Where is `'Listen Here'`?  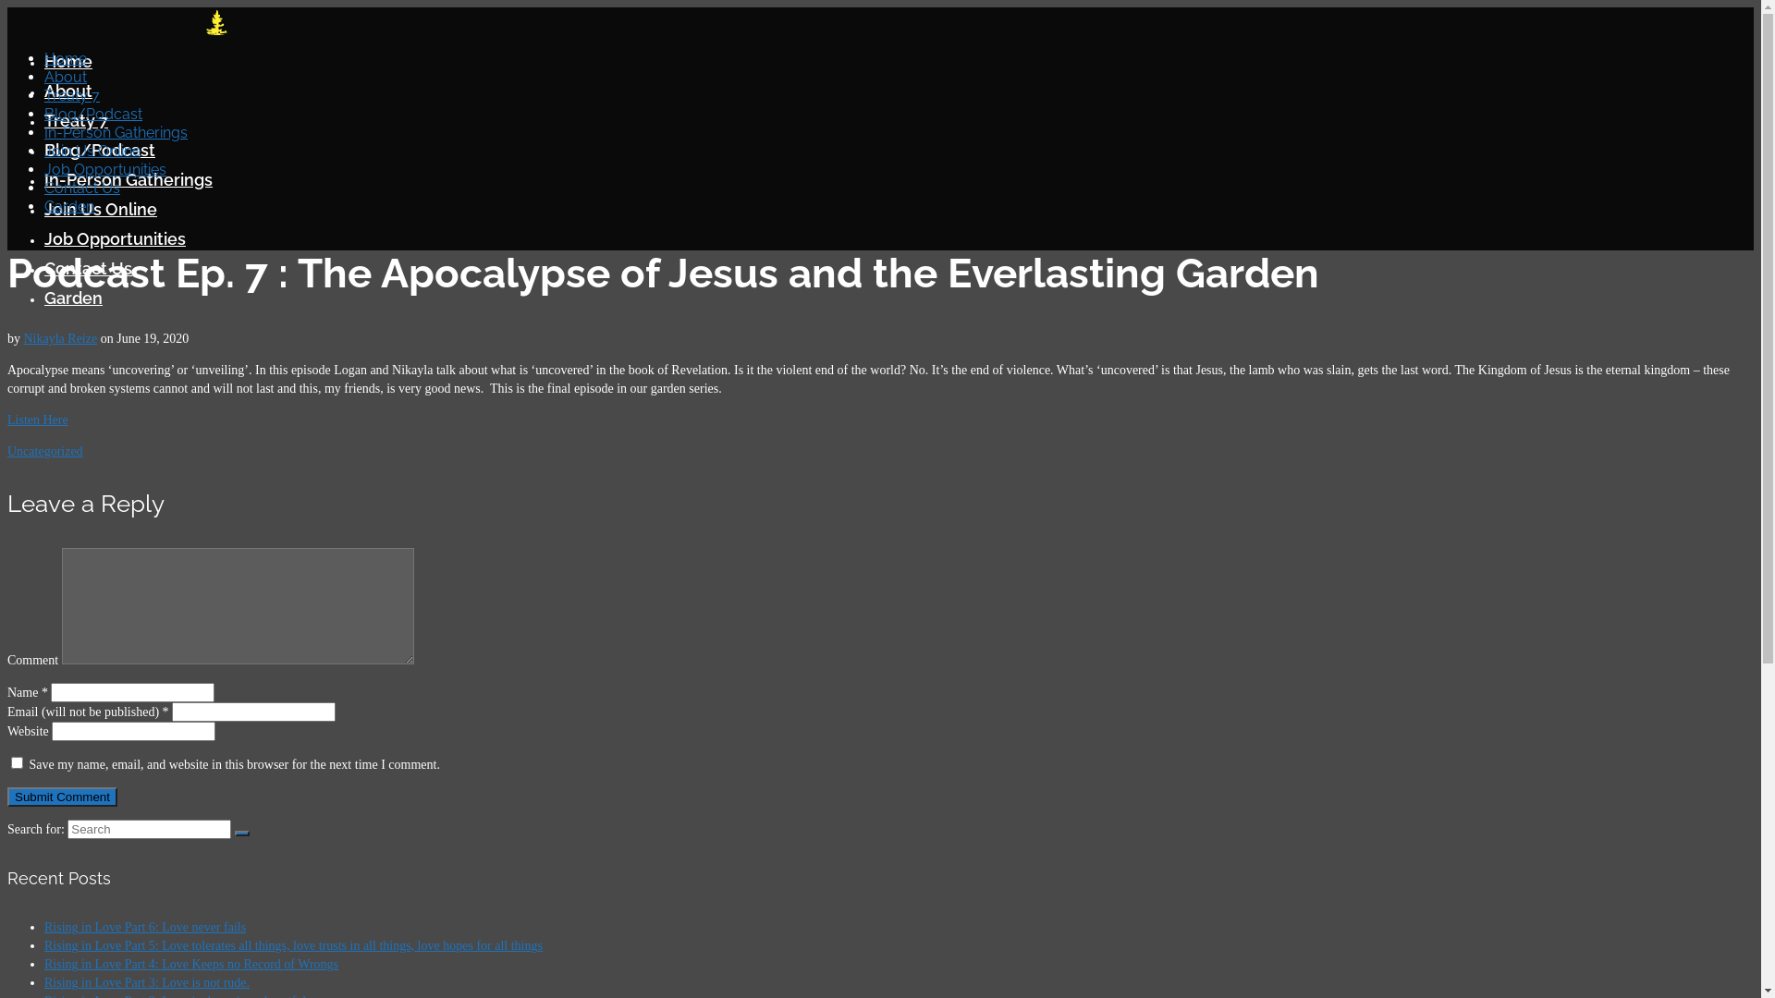 'Listen Here' is located at coordinates (7, 420).